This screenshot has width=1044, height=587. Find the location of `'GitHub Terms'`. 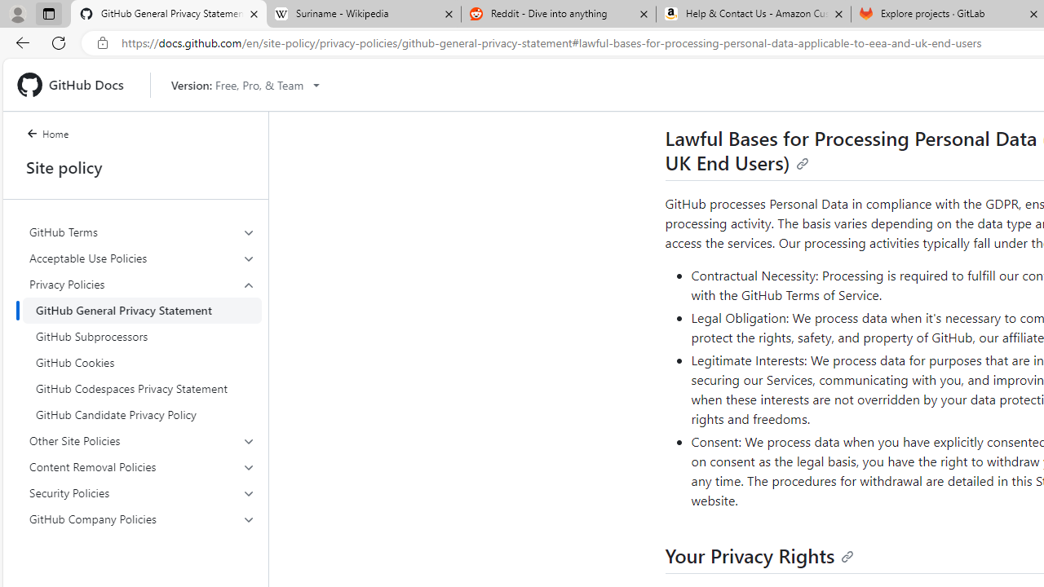

'GitHub Terms' is located at coordinates (142, 232).